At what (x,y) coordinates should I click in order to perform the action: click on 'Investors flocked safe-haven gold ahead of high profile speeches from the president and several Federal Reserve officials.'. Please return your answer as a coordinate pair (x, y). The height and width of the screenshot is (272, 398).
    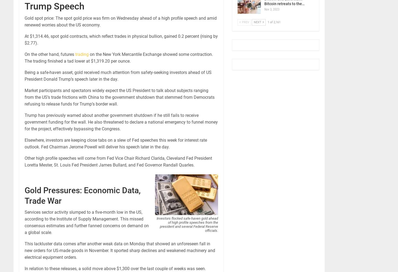
    Looking at the image, I should click on (187, 224).